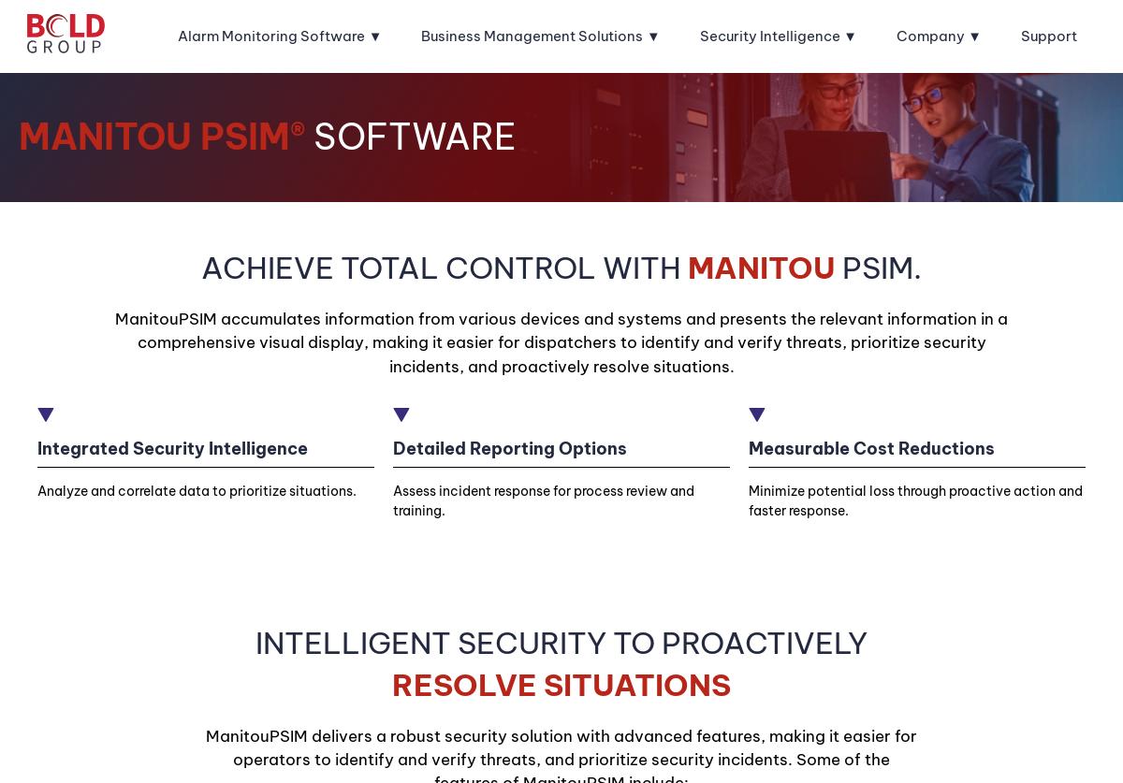 Image resolution: width=1123 pixels, height=783 pixels. Describe the element at coordinates (541, 499) in the screenshot. I see `'Assess incident response for process review and training.'` at that location.